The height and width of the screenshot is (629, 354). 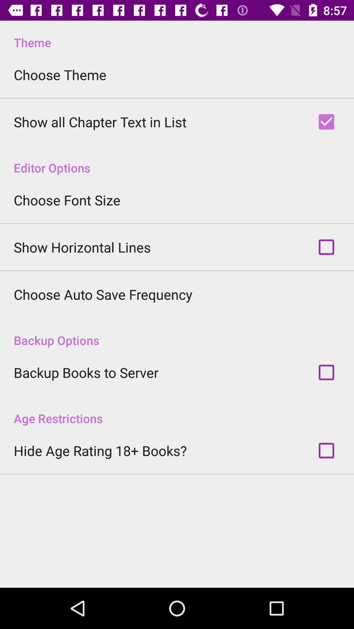 What do you see at coordinates (100, 450) in the screenshot?
I see `the app below age restrictions icon` at bounding box center [100, 450].